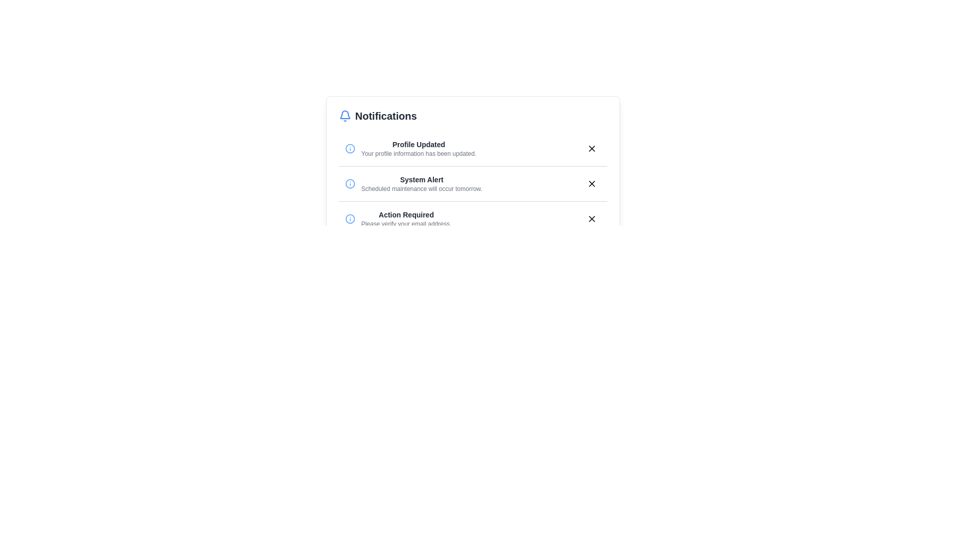  What do you see at coordinates (591, 149) in the screenshot?
I see `the 'X' close button located at the top-right corner of the 'Profile Updated' notification box` at bounding box center [591, 149].